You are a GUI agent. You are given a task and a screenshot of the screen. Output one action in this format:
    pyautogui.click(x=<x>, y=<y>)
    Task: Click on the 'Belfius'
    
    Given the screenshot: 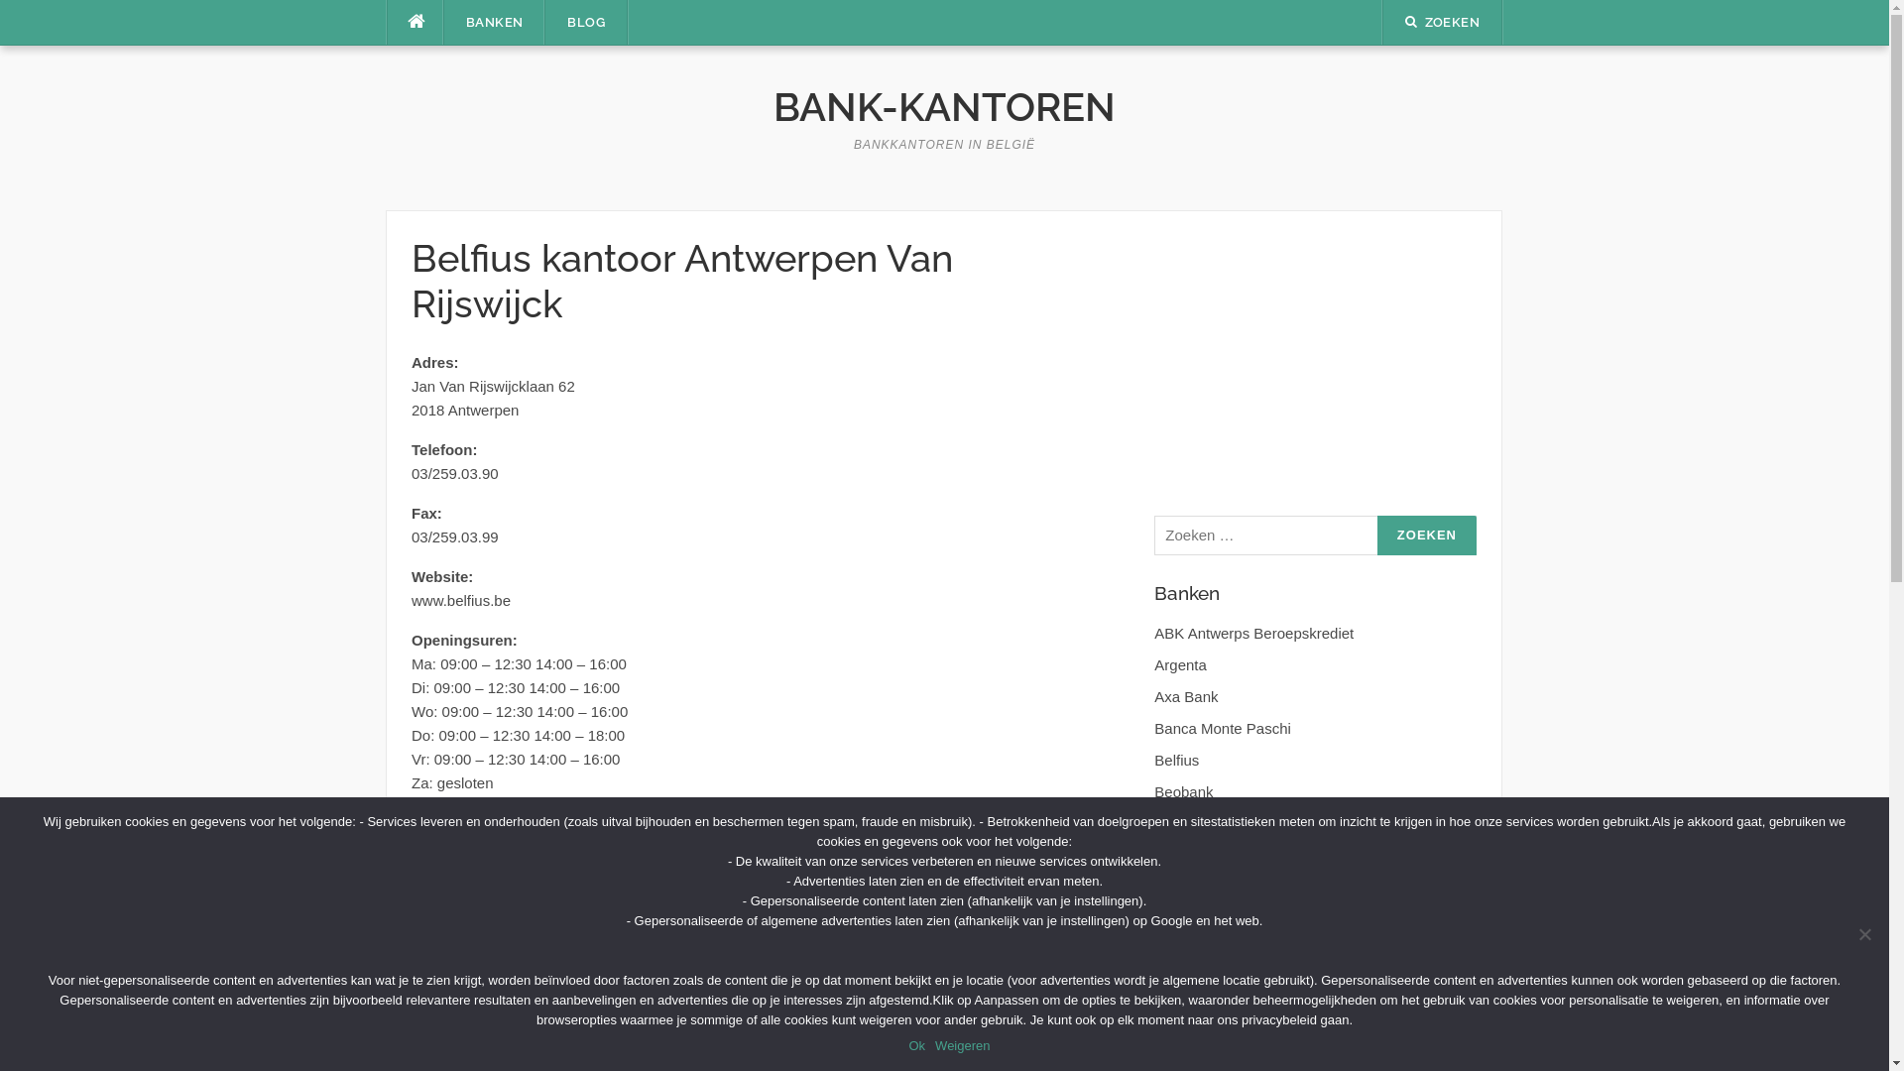 What is the action you would take?
    pyautogui.click(x=1176, y=759)
    